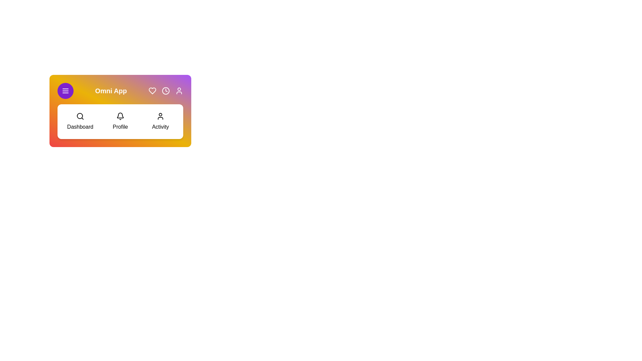 The height and width of the screenshot is (361, 642). I want to click on the 'User' icon in the top-right corner of the StylishAppBar, so click(179, 91).